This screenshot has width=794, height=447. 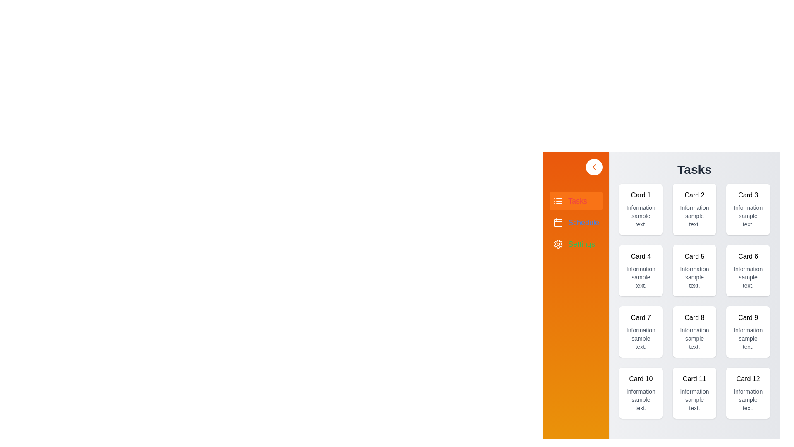 I want to click on the Tasks section in the drawer, so click(x=575, y=201).